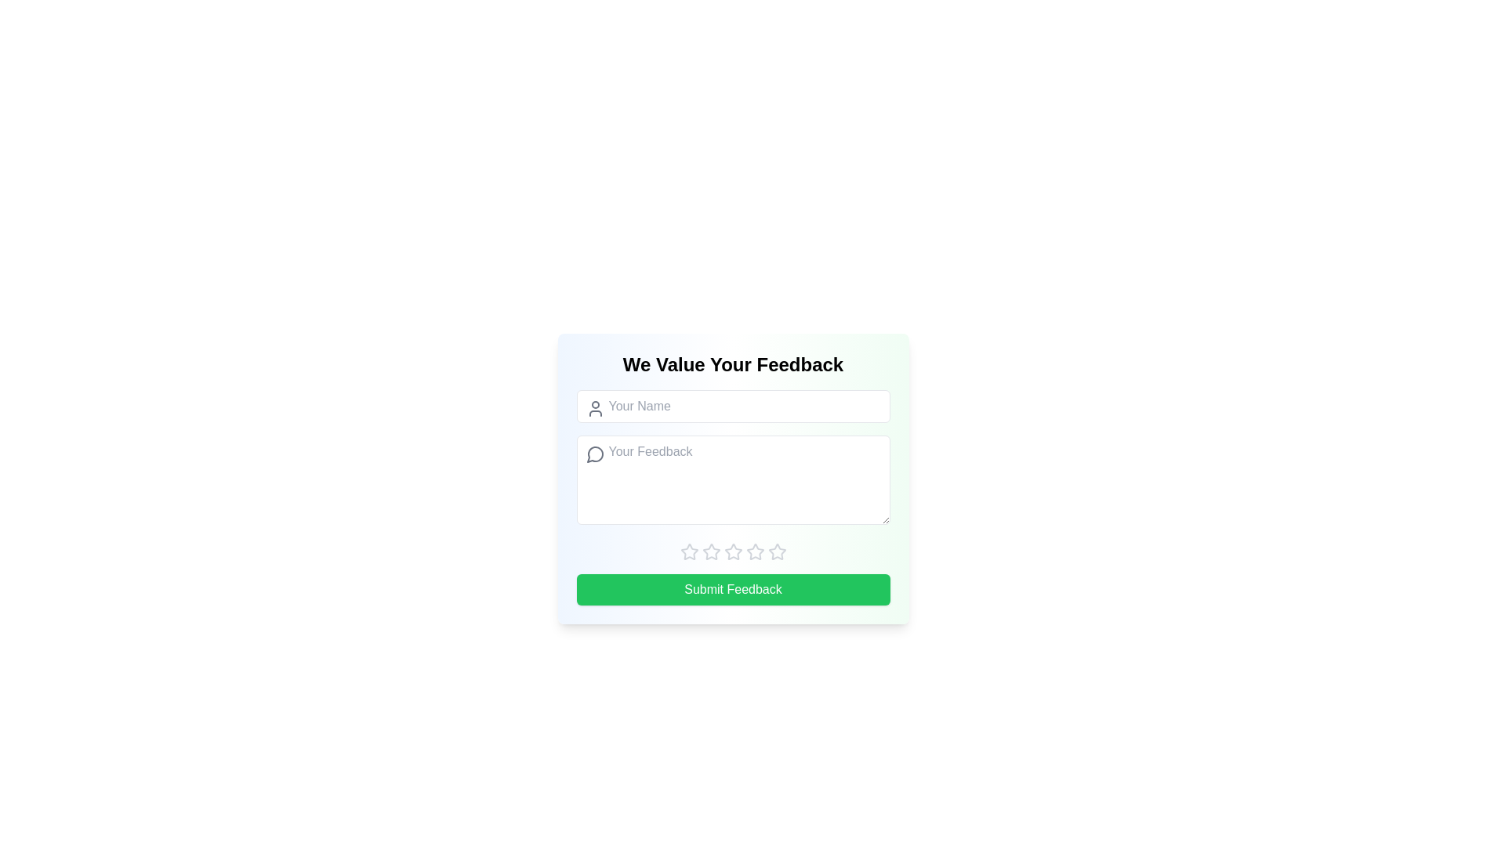 The width and height of the screenshot is (1505, 846). Describe the element at coordinates (755, 551) in the screenshot. I see `the fifth star in the rating component of the user feedback form` at that location.